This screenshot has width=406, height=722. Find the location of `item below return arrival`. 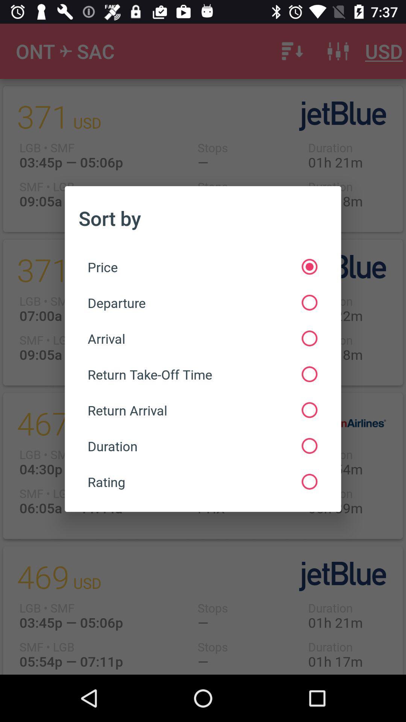

item below return arrival is located at coordinates (202, 446).